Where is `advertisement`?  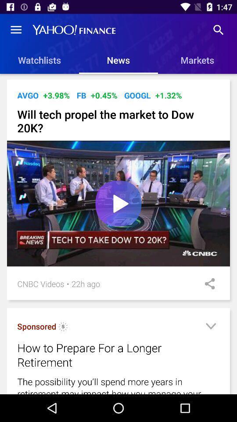
advertisement is located at coordinates (210, 327).